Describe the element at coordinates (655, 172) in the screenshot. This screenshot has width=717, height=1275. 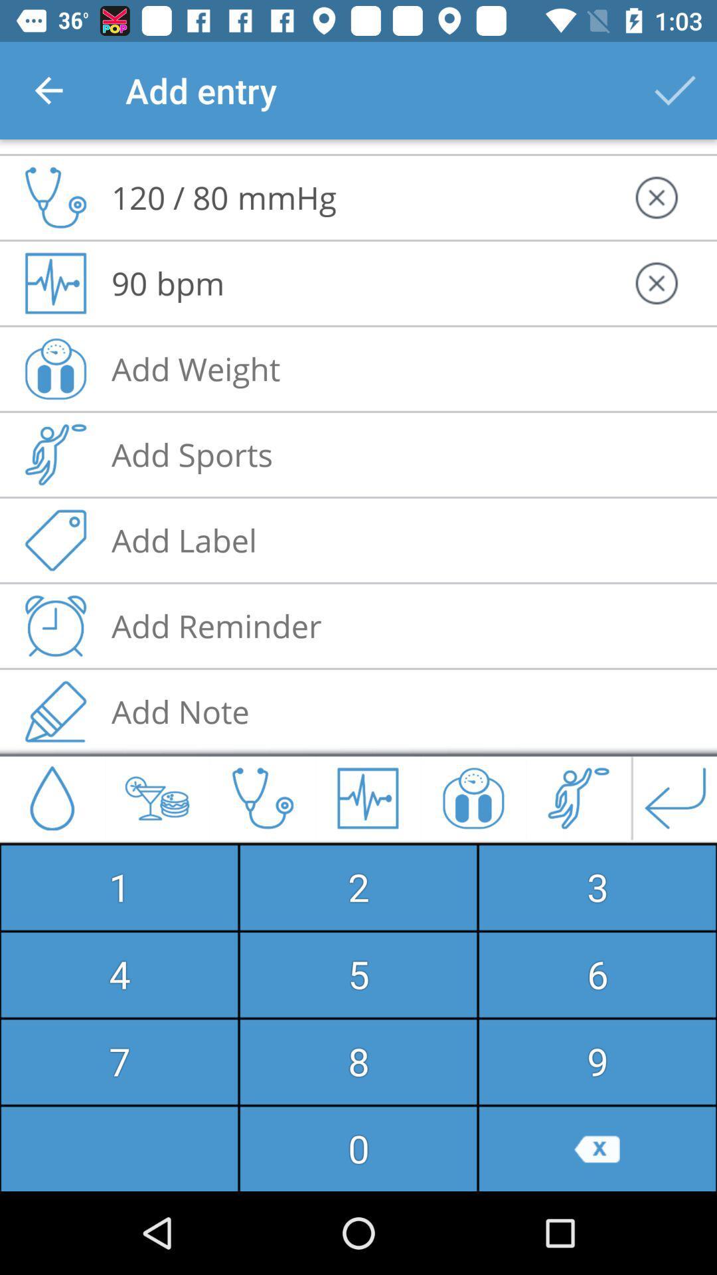
I see `the close icon` at that location.